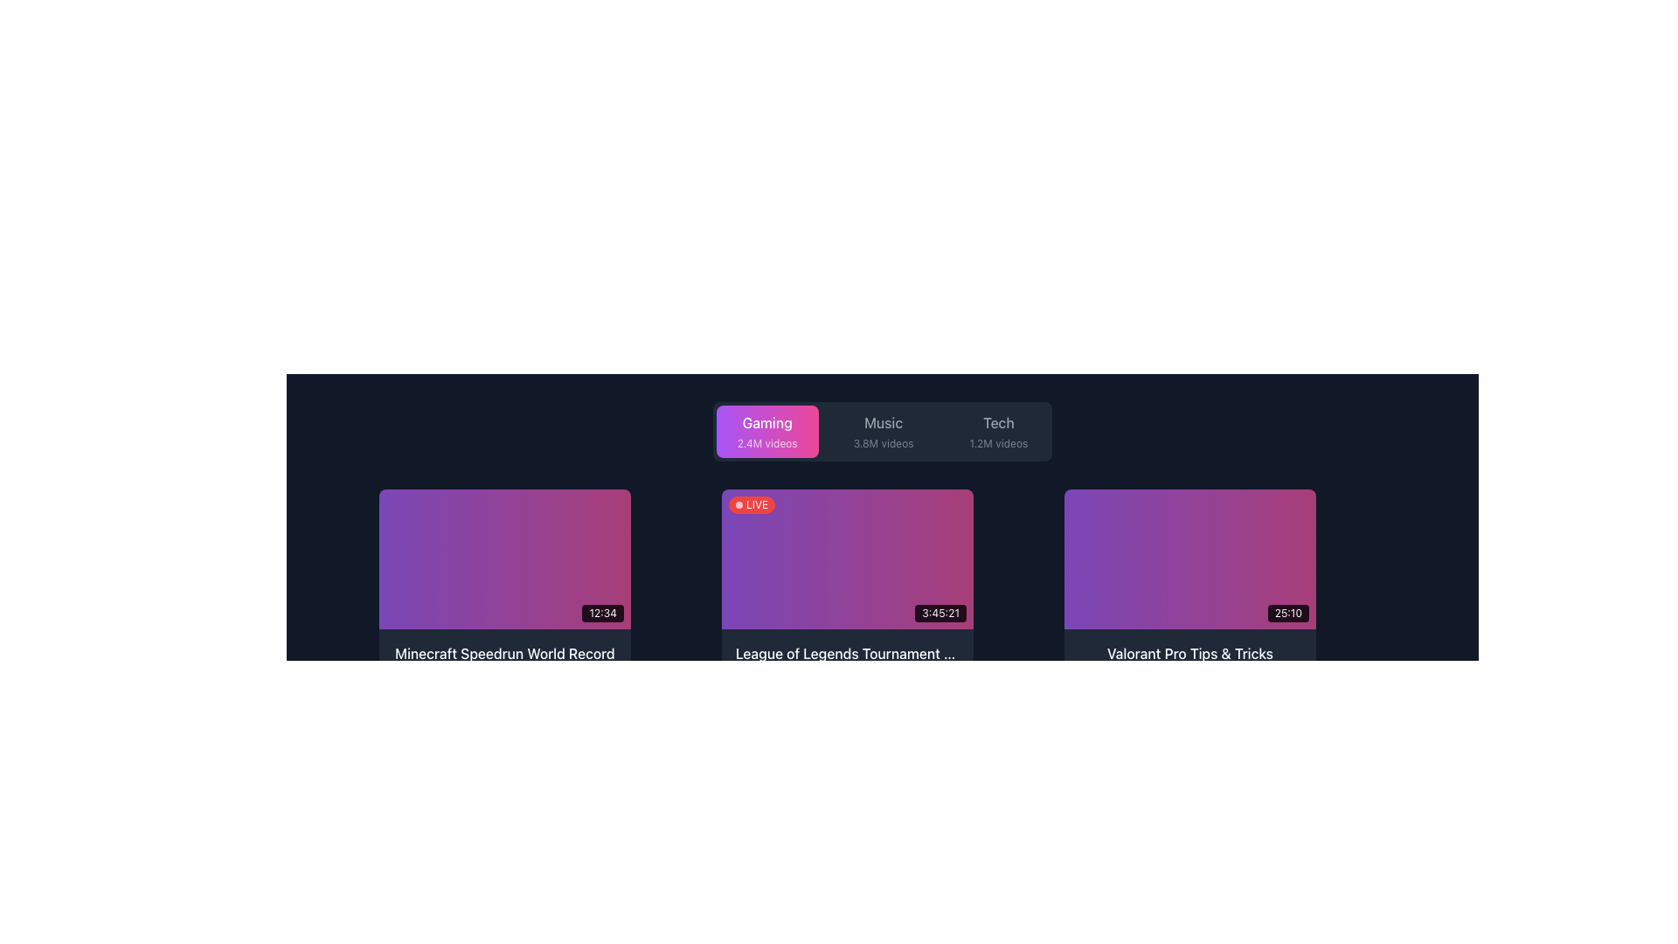 This screenshot has height=944, width=1678. Describe the element at coordinates (767, 431) in the screenshot. I see `the rectangular button with a gradient background labeled 'Gaming'` at that location.